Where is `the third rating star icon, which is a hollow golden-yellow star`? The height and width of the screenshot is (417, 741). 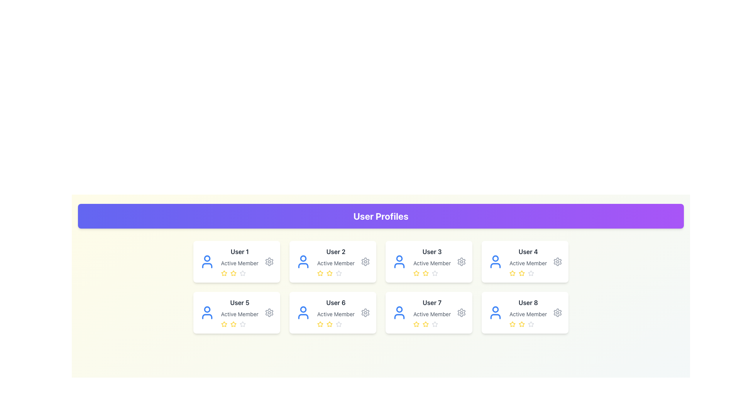 the third rating star icon, which is a hollow golden-yellow star is located at coordinates (329, 273).